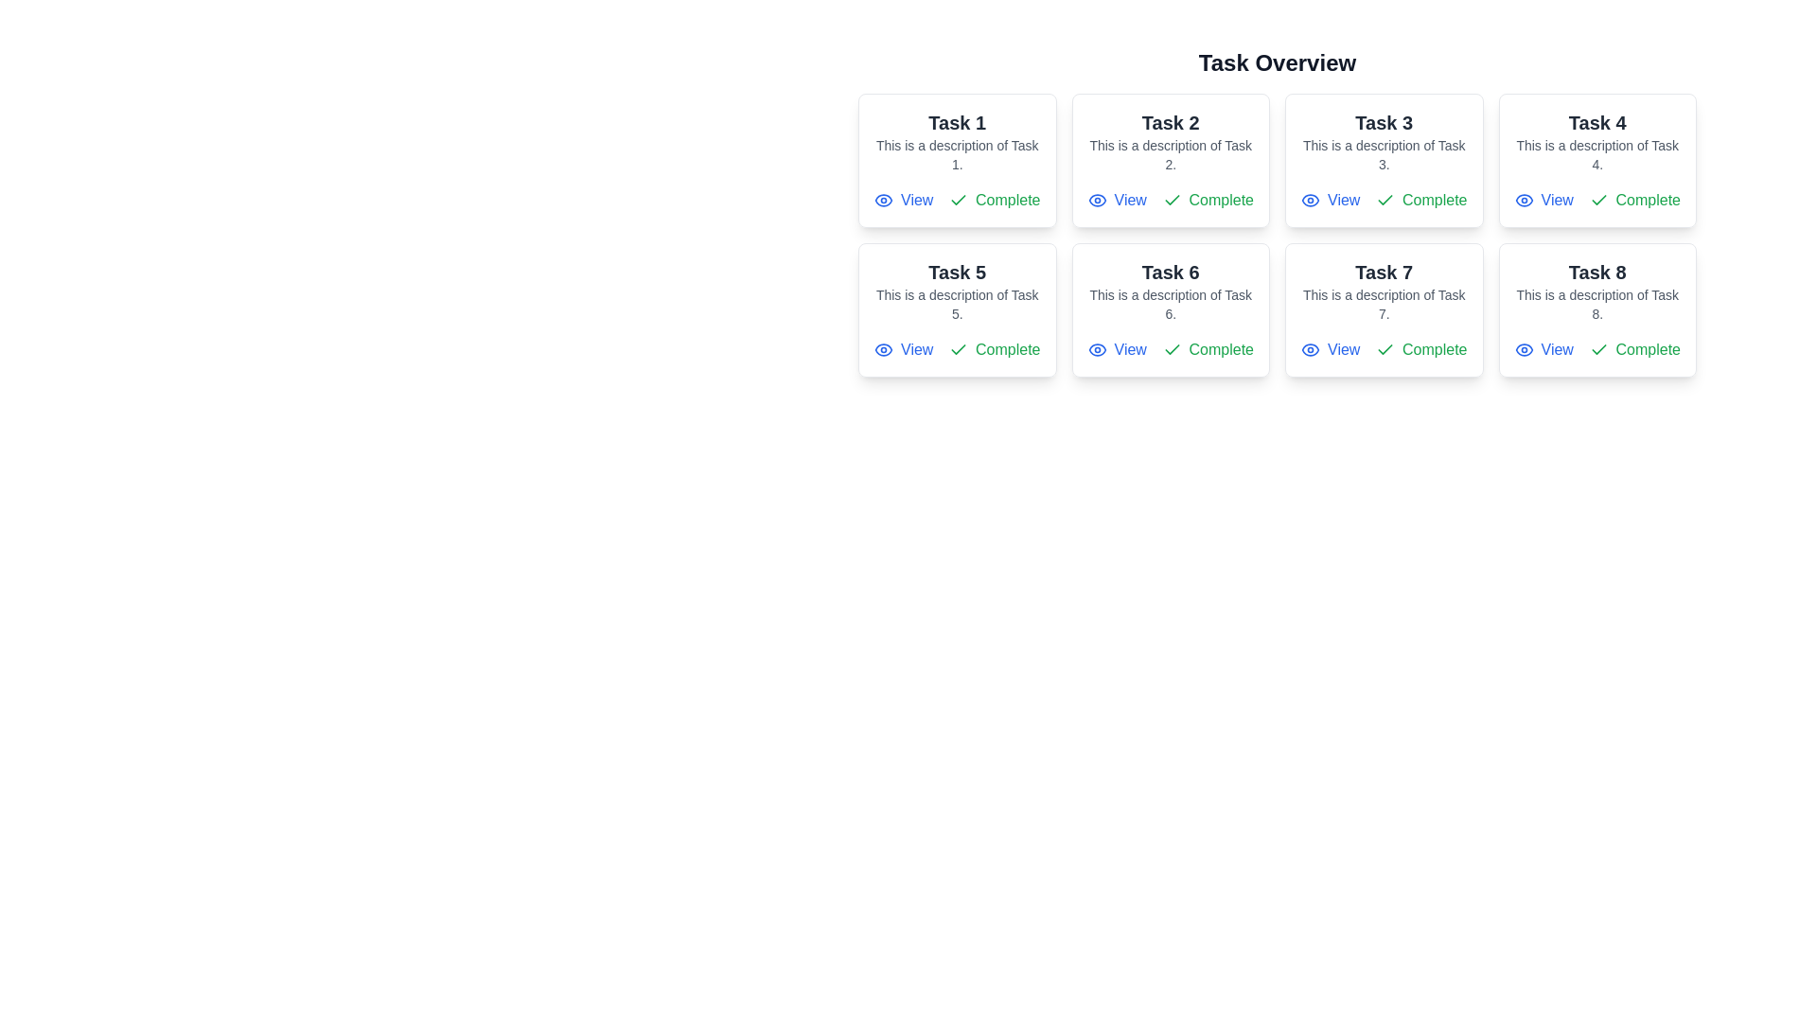 The height and width of the screenshot is (1022, 1817). Describe the element at coordinates (1310, 201) in the screenshot. I see `the blue eye icon located above the 'View' button within the 'Task 3' task card` at that location.